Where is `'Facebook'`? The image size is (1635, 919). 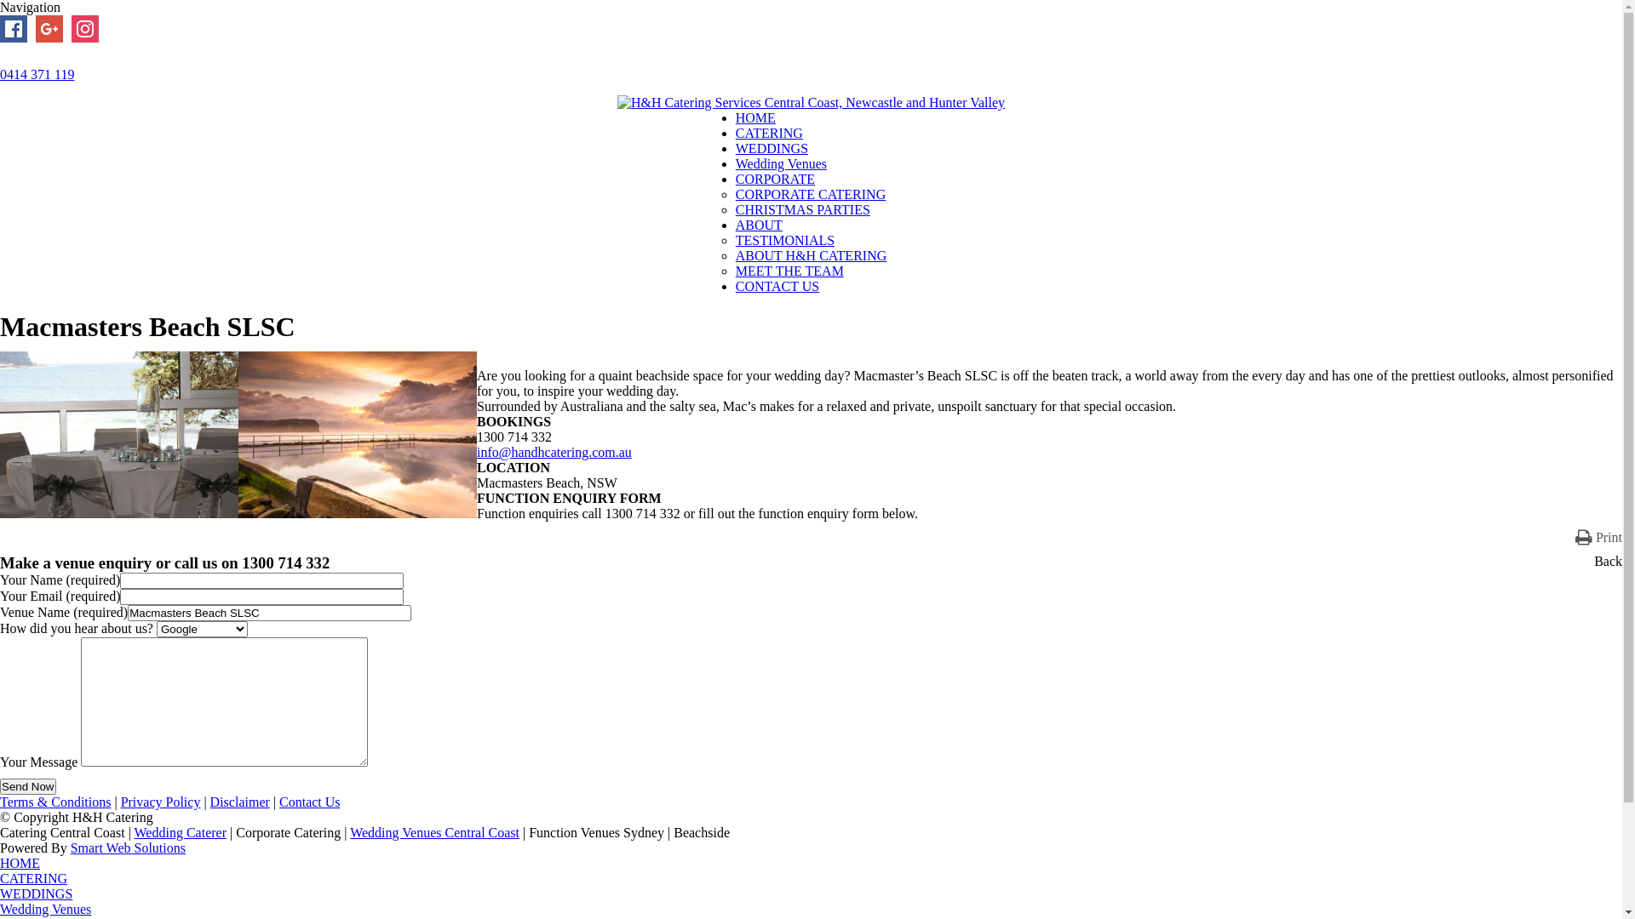
'Facebook' is located at coordinates (13, 29).